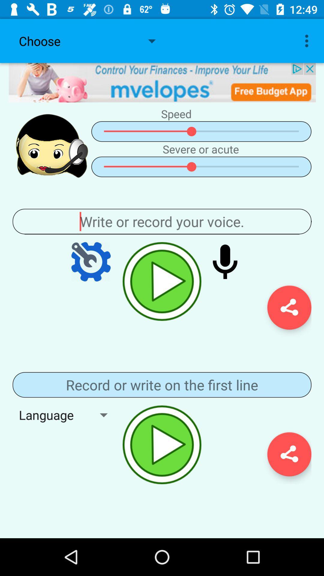 The image size is (324, 576). Describe the element at coordinates (162, 221) in the screenshot. I see `write a word` at that location.